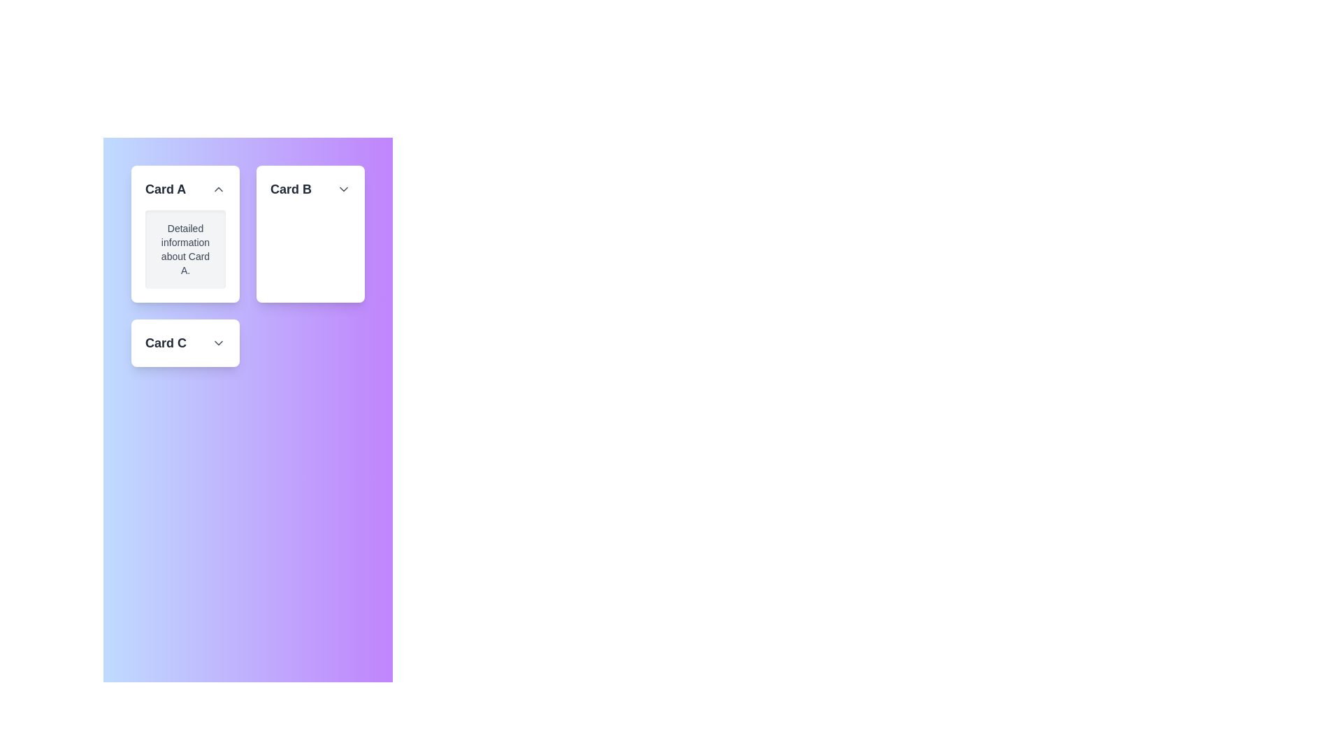 This screenshot has width=1342, height=755. I want to click on the static text label displaying 'Card B', which is styled in a bold font and serves as the header for the second card in a vertical card layout, so click(290, 189).